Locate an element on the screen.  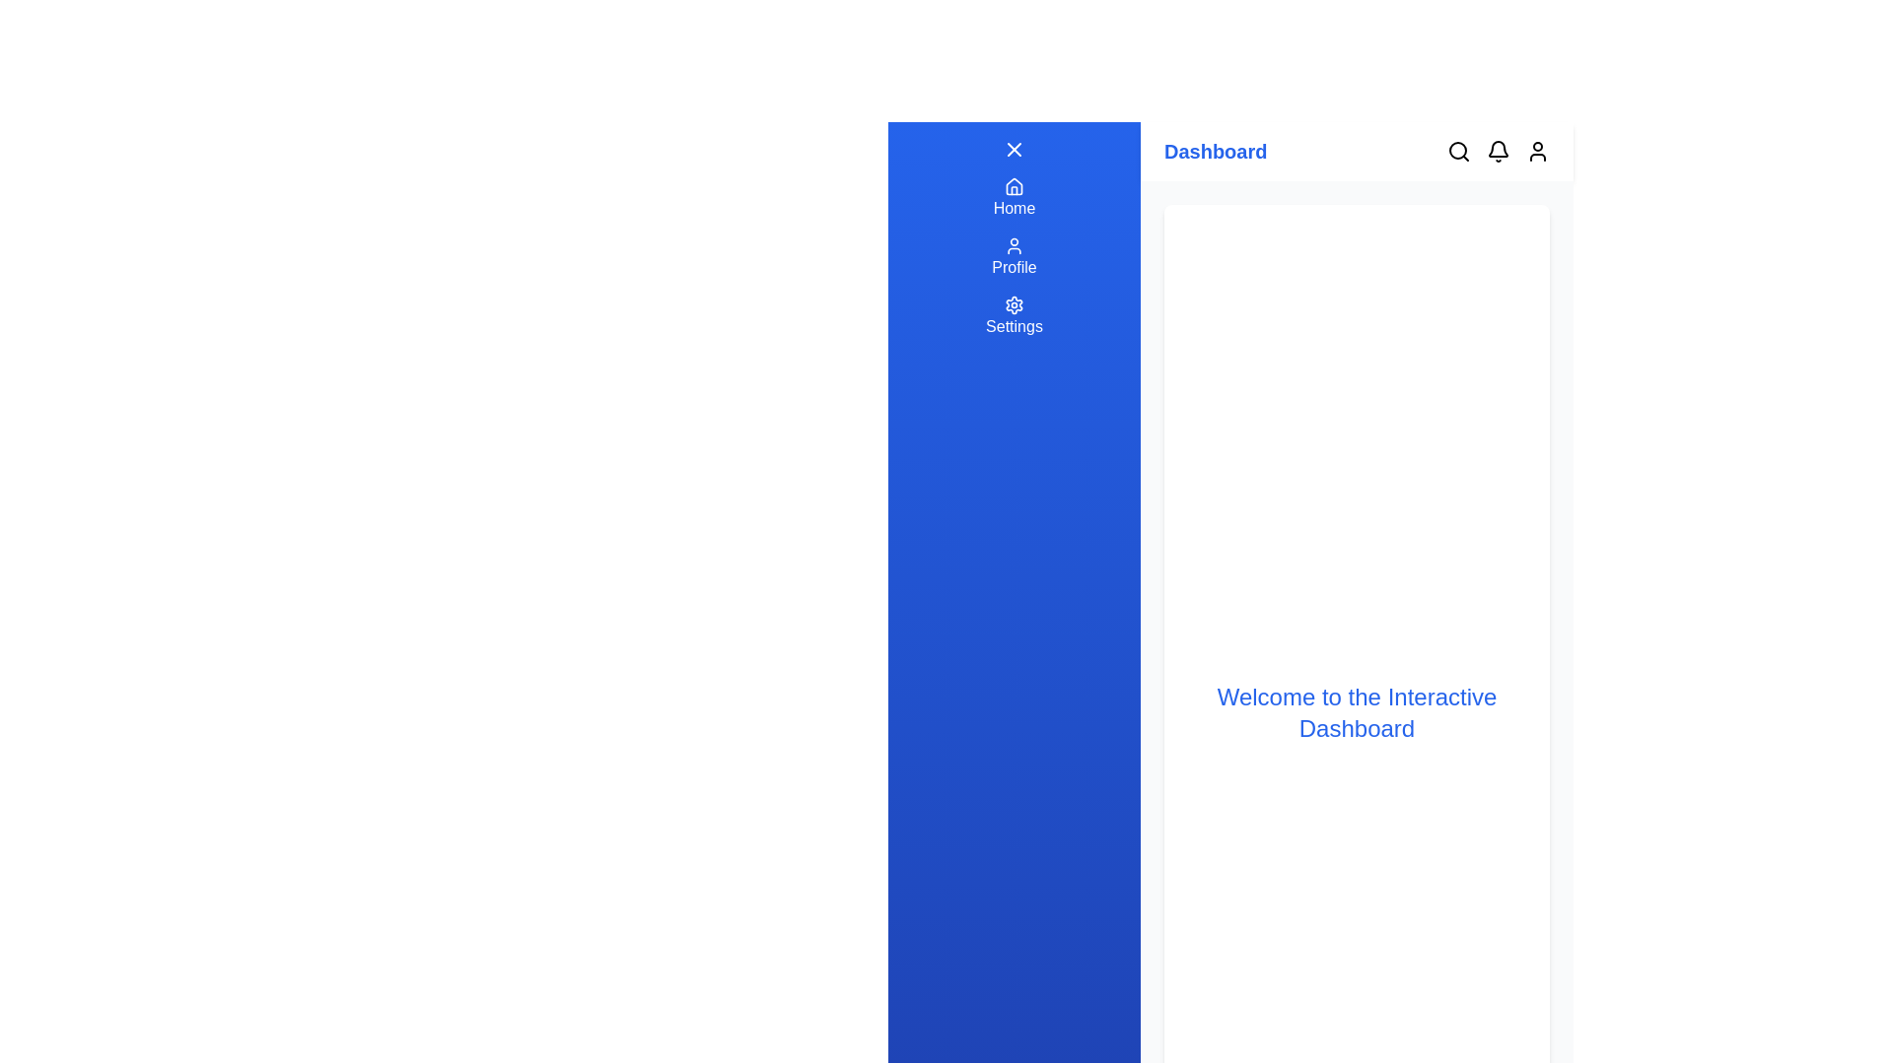
the settings button in the vertical navigation bar located on the left side of the interface, which is the third button below the 'Profile' option is located at coordinates (1014, 315).